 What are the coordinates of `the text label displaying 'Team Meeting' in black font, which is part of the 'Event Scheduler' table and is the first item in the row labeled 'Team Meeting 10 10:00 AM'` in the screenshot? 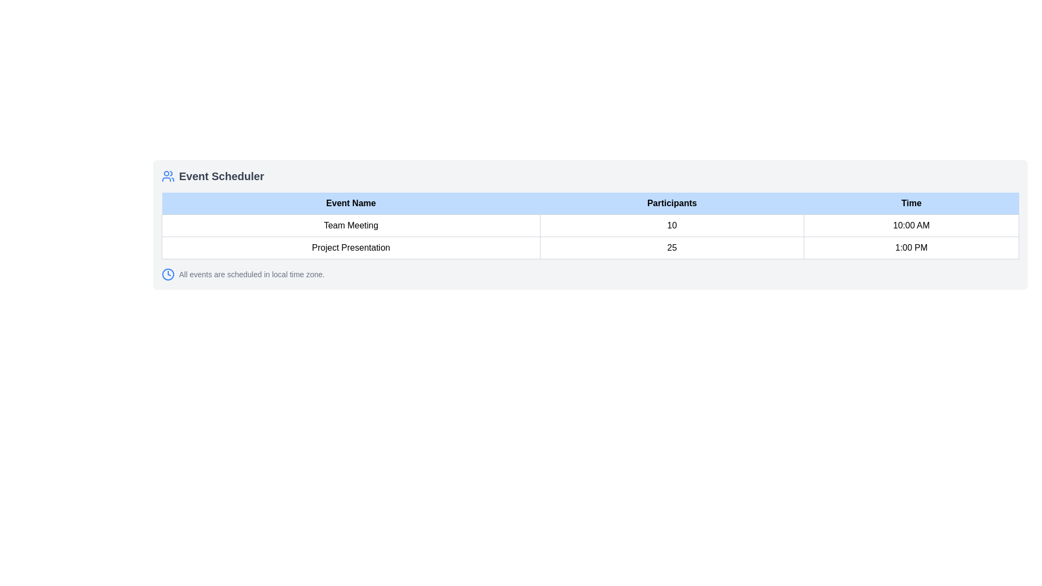 It's located at (351, 225).